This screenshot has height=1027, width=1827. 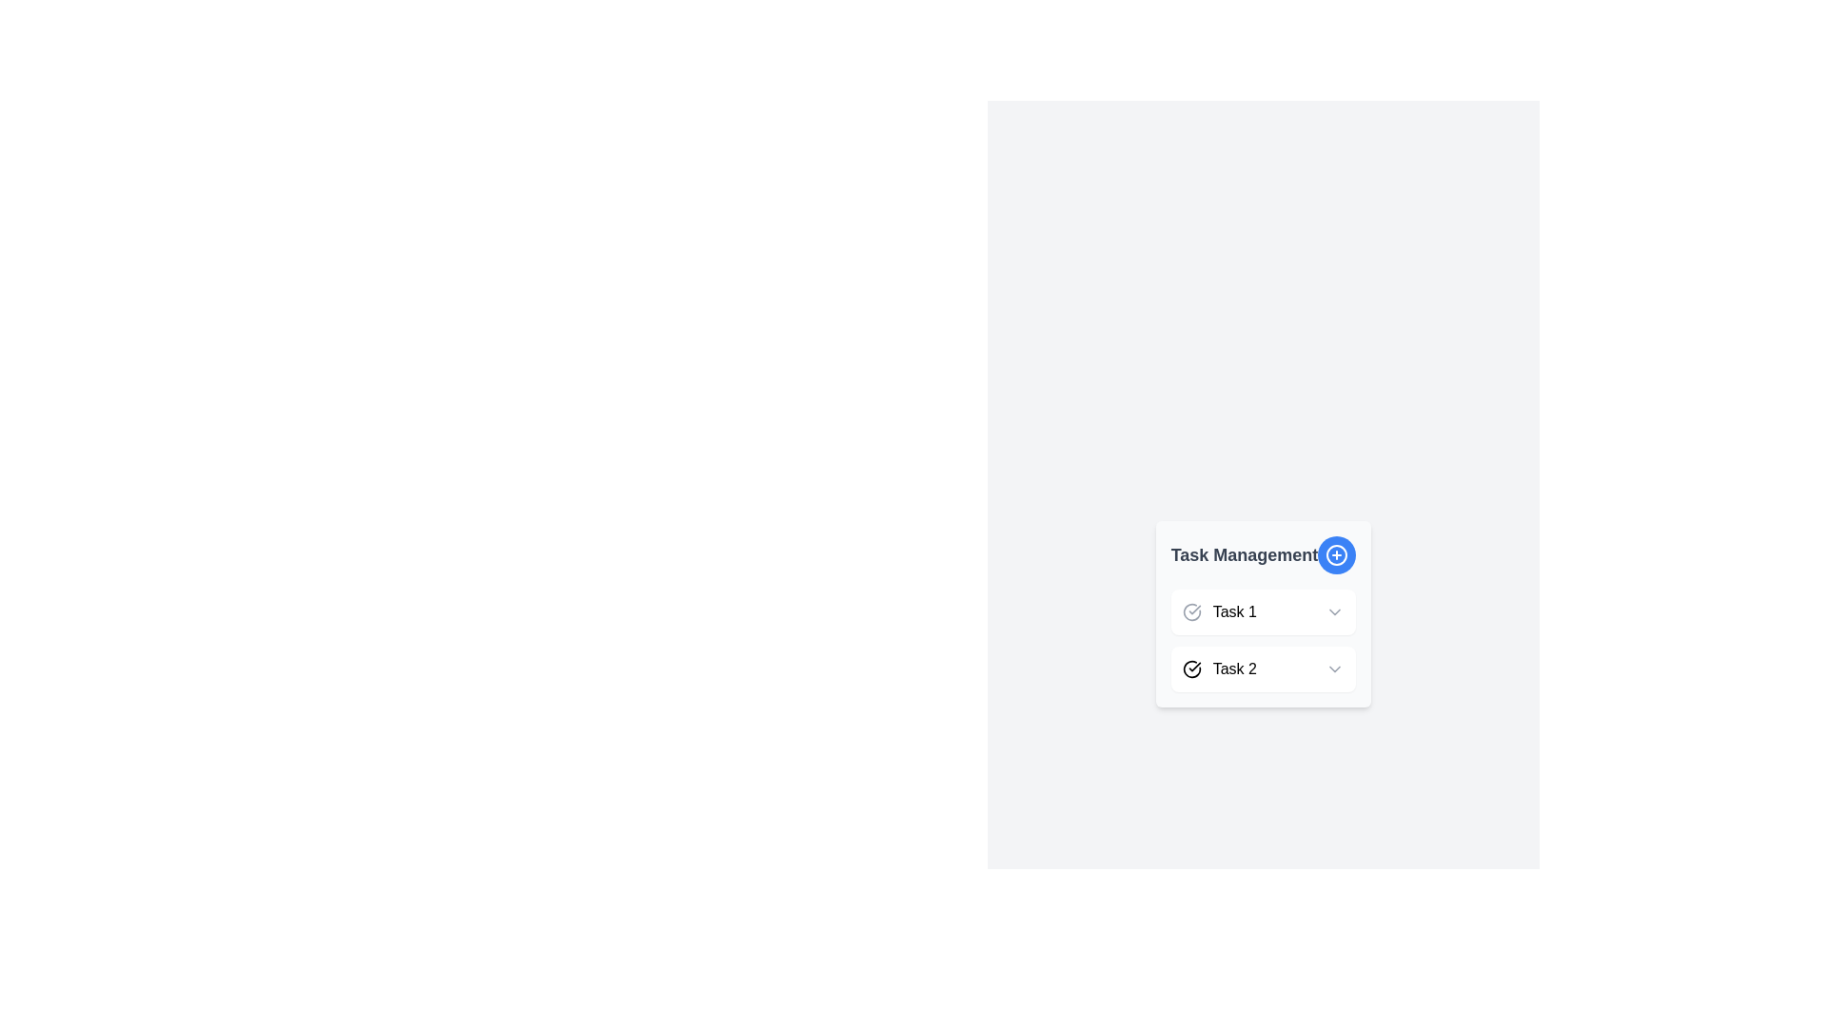 I want to click on the action button located in the 'Task Management' section, which is the second interactive element to the right of the text, so click(x=1336, y=554).